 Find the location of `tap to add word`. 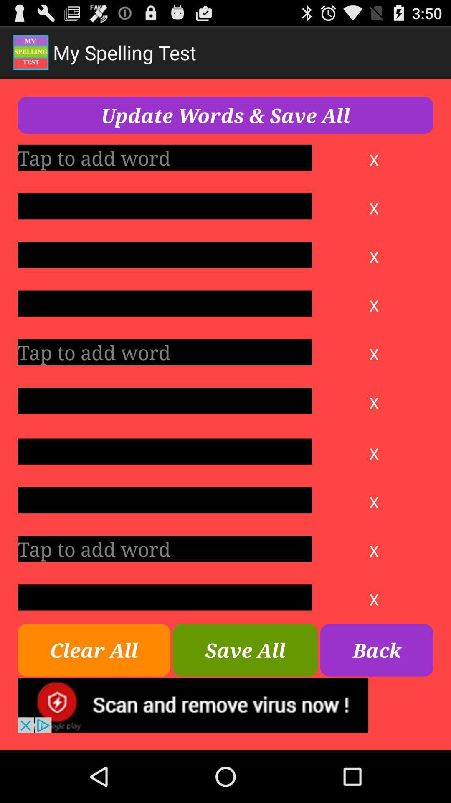

tap to add word is located at coordinates (165, 597).